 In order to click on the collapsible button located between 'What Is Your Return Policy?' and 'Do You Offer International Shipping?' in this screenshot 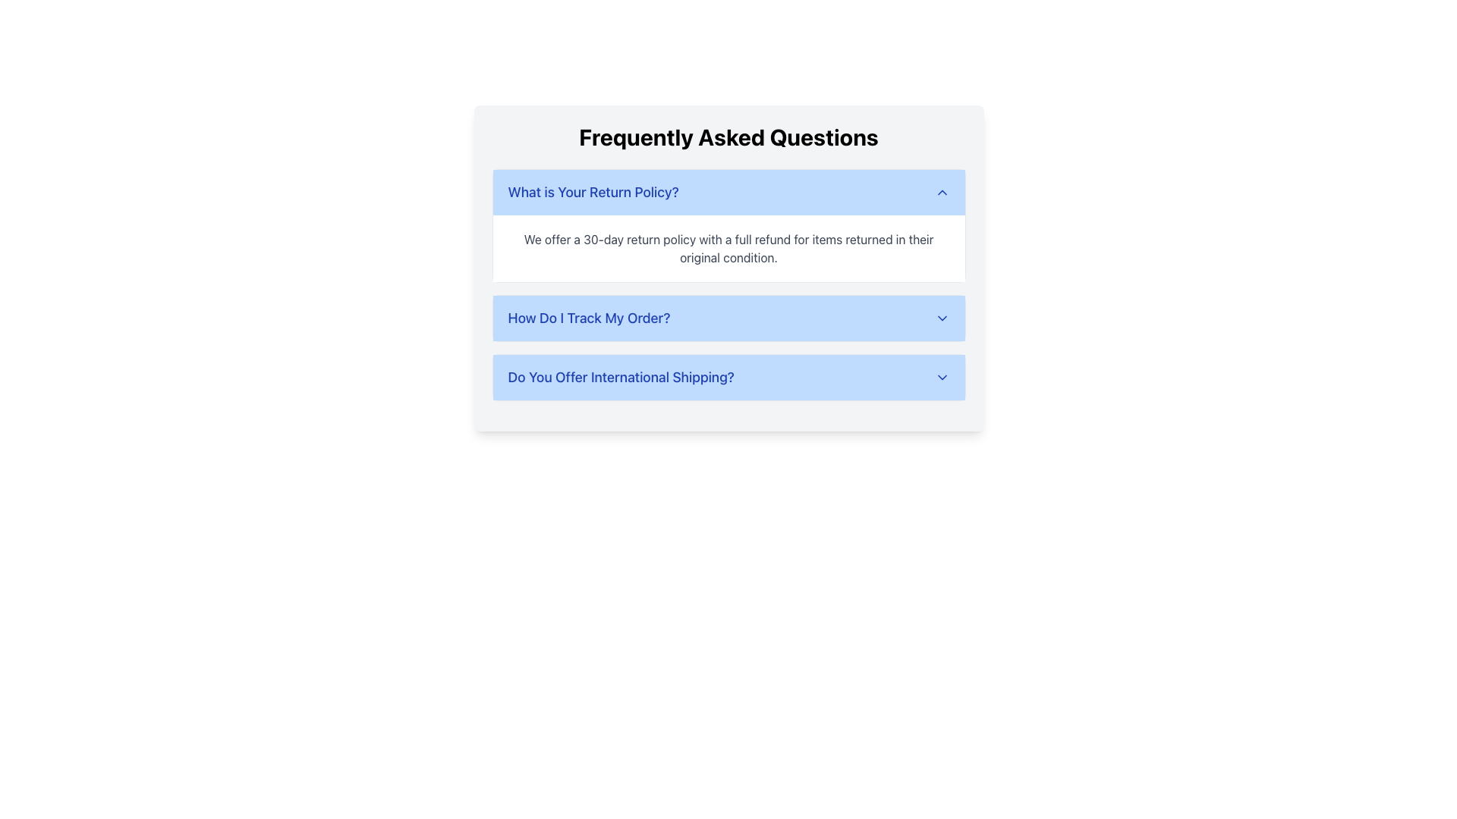, I will do `click(728, 318)`.